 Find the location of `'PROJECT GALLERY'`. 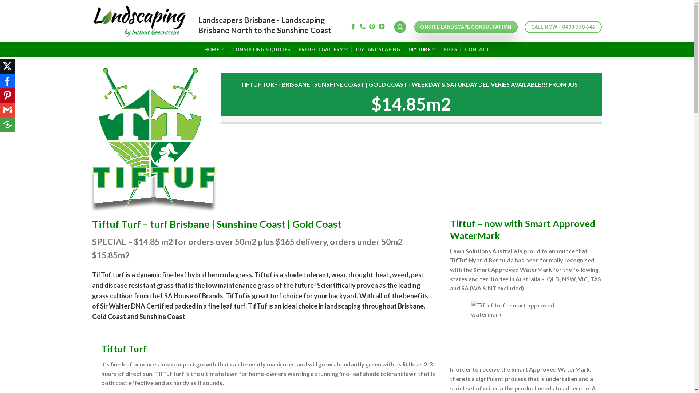

'PROJECT GALLERY' is located at coordinates (323, 49).